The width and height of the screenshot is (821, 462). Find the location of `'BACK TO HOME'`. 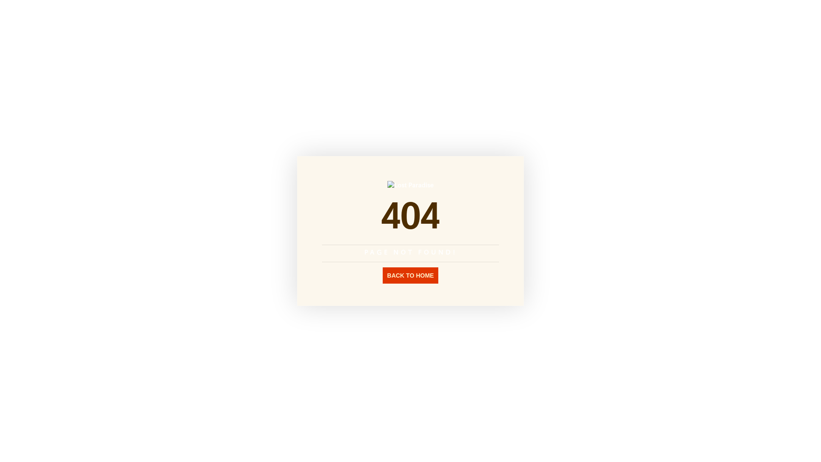

'BACK TO HOME' is located at coordinates (382, 275).